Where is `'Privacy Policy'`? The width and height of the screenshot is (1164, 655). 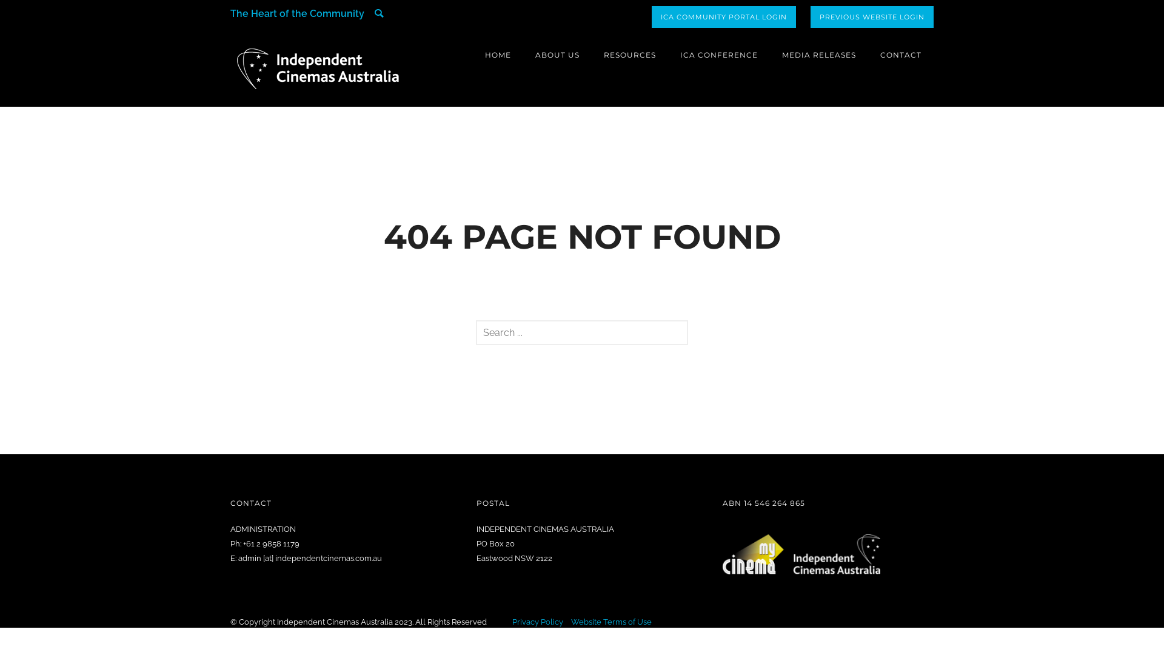
'Privacy Policy' is located at coordinates (512, 622).